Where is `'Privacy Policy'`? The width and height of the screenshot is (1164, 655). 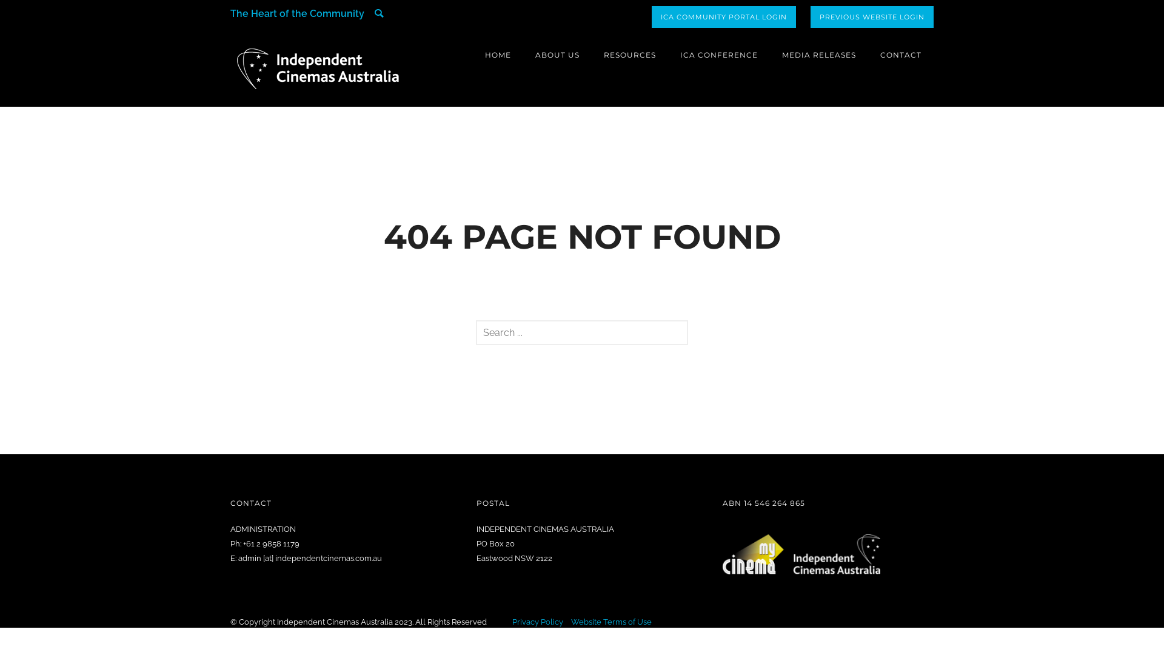
'Privacy Policy' is located at coordinates (512, 622).